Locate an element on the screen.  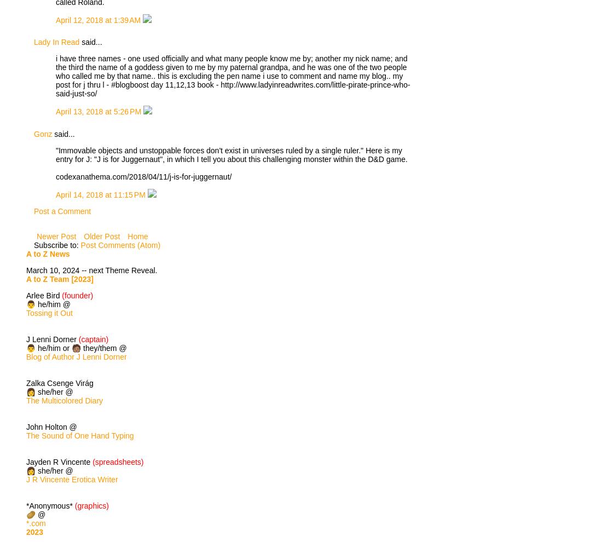
'2023' is located at coordinates (34, 532).